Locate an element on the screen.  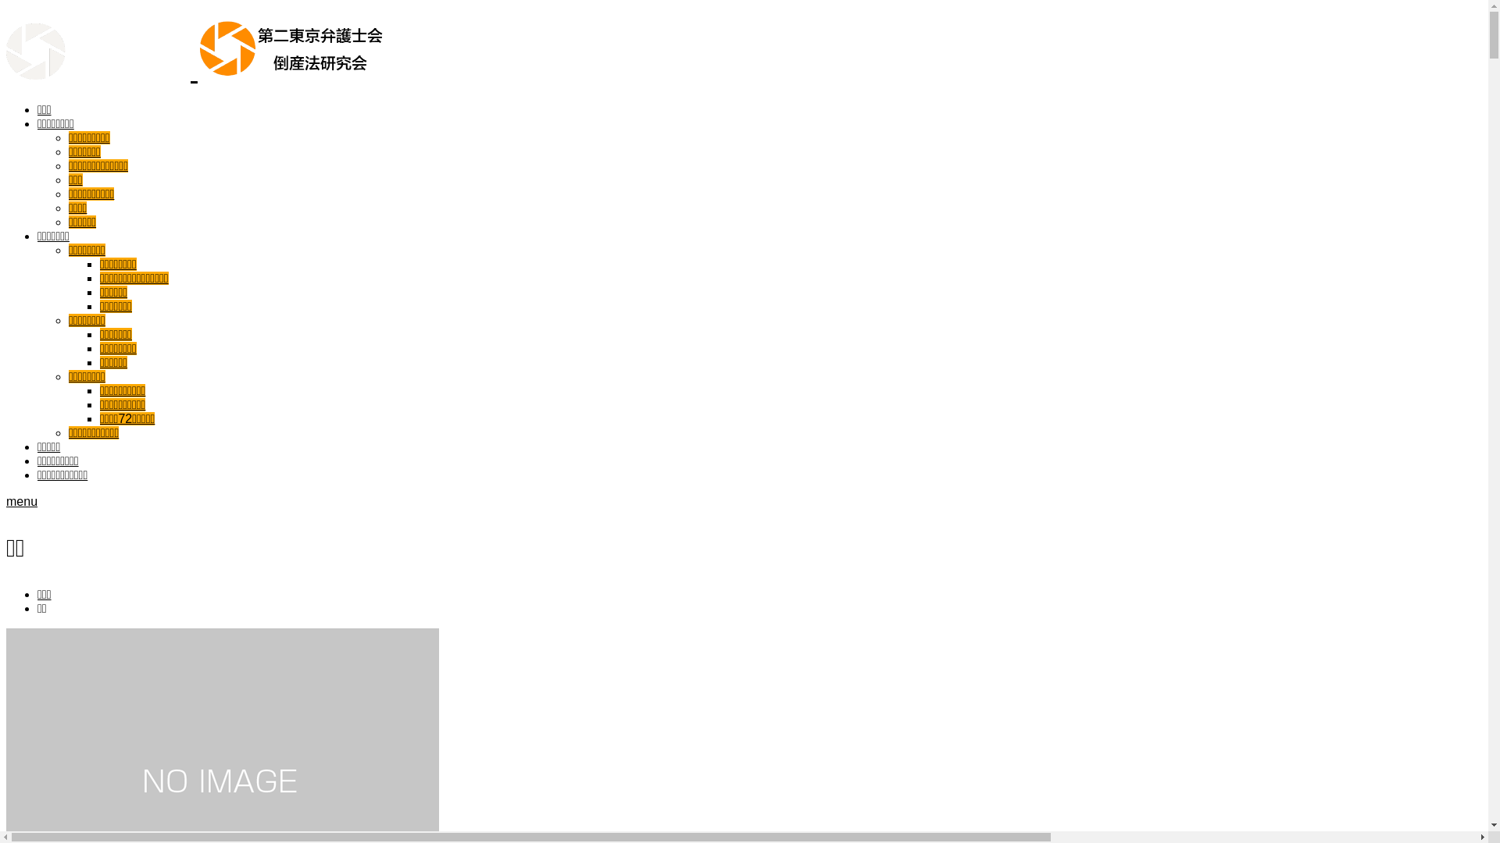
'menu' is located at coordinates (22, 501).